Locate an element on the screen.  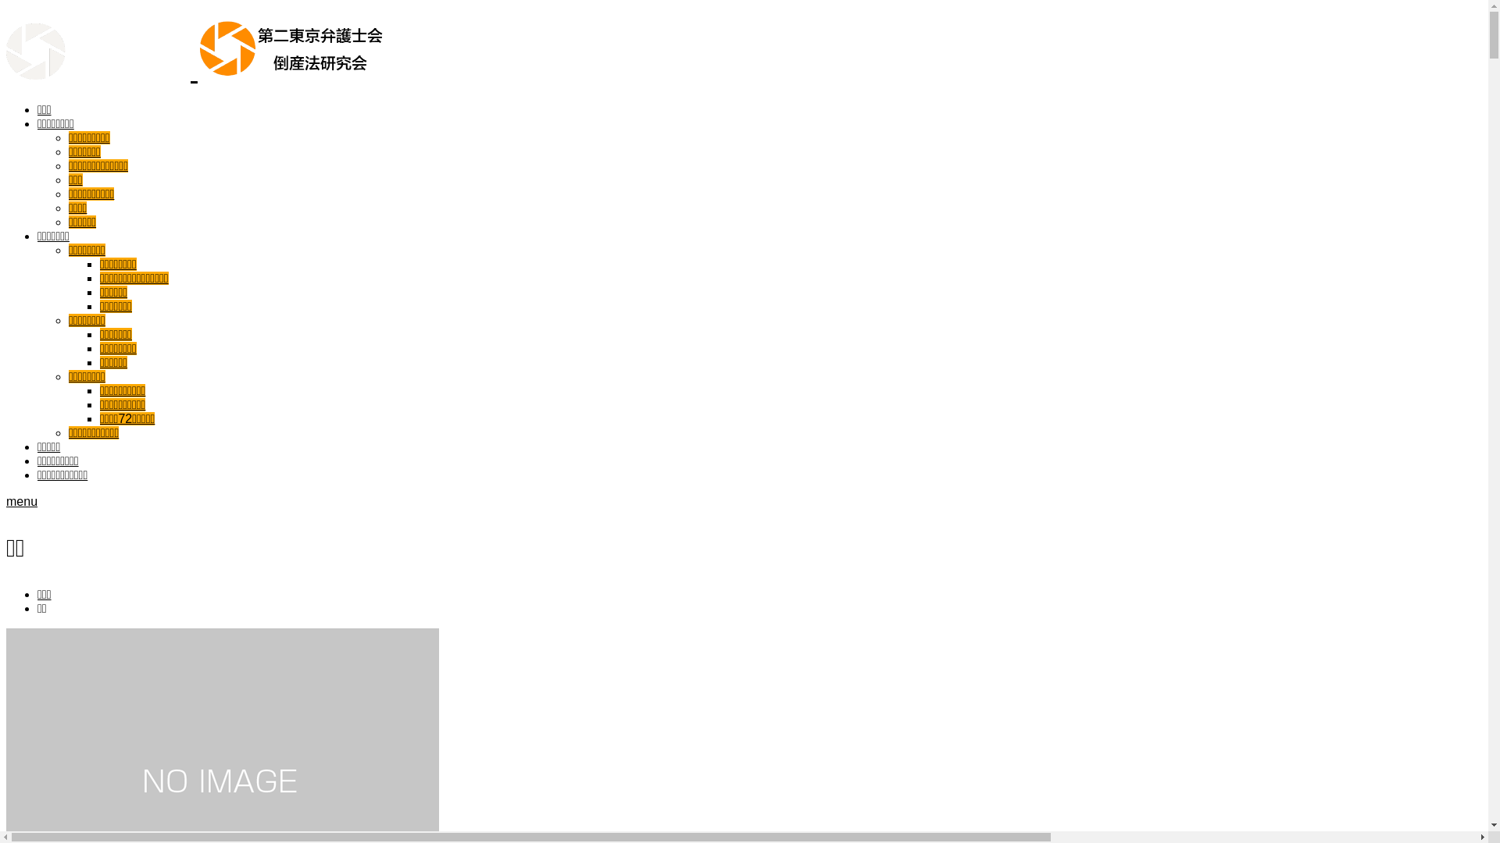
'menu' is located at coordinates (22, 501).